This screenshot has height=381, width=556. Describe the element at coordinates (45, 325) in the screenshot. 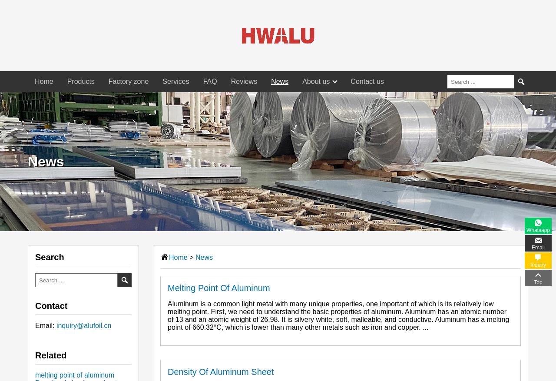

I see `'Email:'` at that location.